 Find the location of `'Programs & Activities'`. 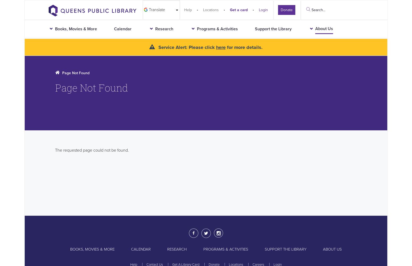

'Programs & Activities' is located at coordinates (225, 249).